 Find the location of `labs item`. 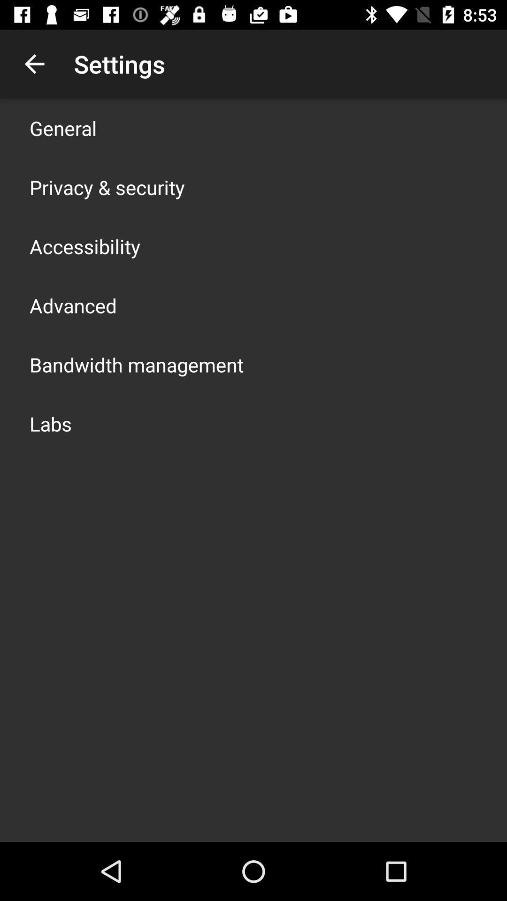

labs item is located at coordinates (51, 423).